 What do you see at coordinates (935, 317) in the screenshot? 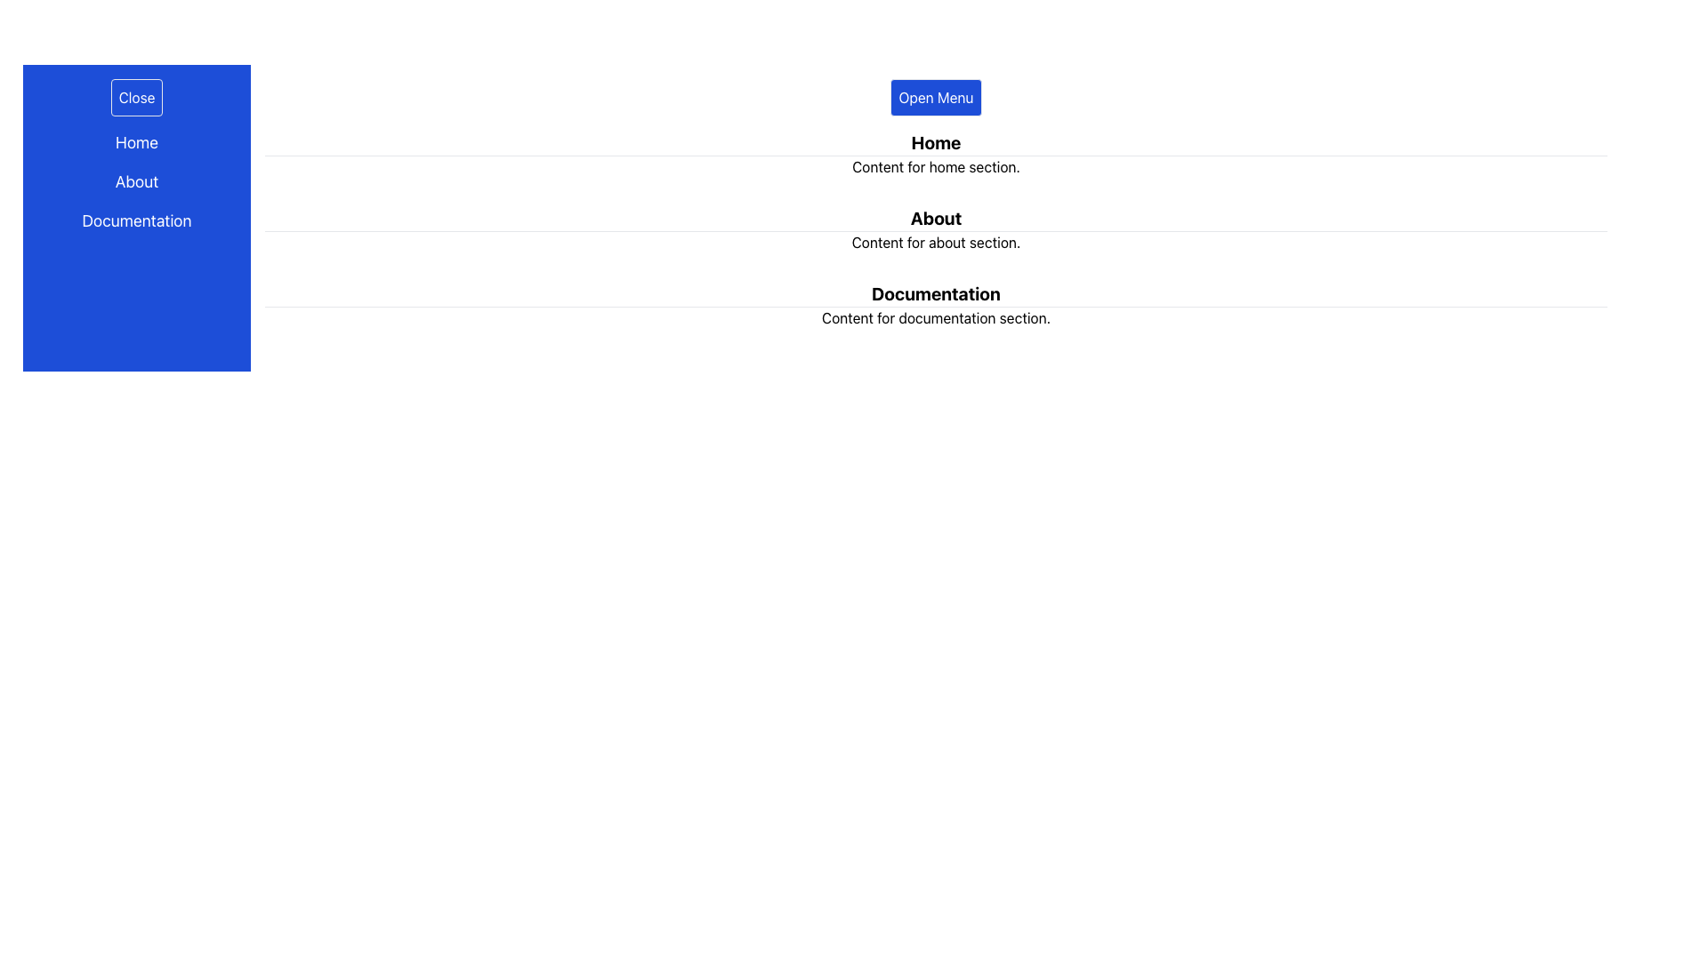
I see `the text element reading 'Content for documentation section.' which is styled in normal font weight and is located below the 'Documentation' heading in the main content area` at bounding box center [935, 317].